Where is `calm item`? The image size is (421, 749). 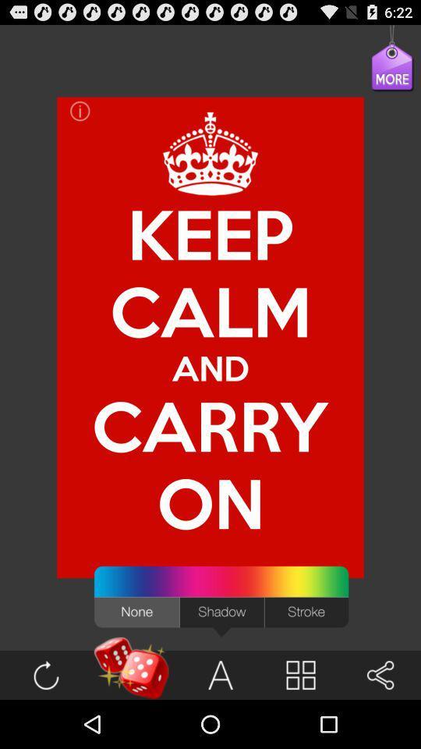 calm item is located at coordinates (210, 311).